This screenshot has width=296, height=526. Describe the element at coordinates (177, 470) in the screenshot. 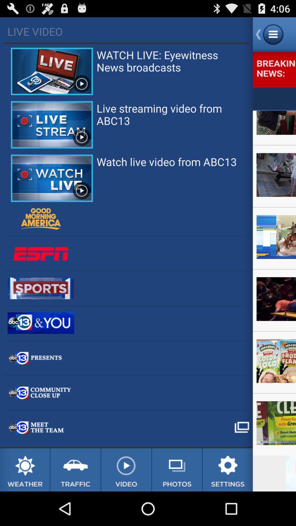

I see `open gallery` at that location.